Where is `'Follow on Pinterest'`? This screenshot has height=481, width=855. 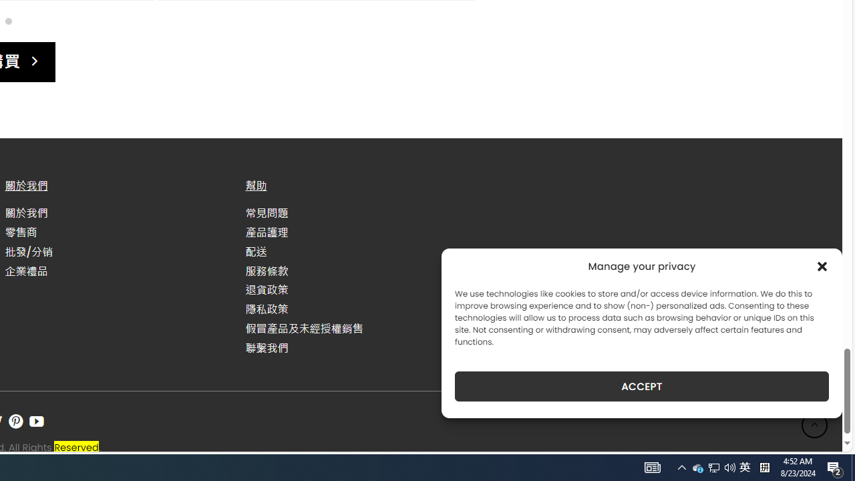 'Follow on Pinterest' is located at coordinates (15, 422).